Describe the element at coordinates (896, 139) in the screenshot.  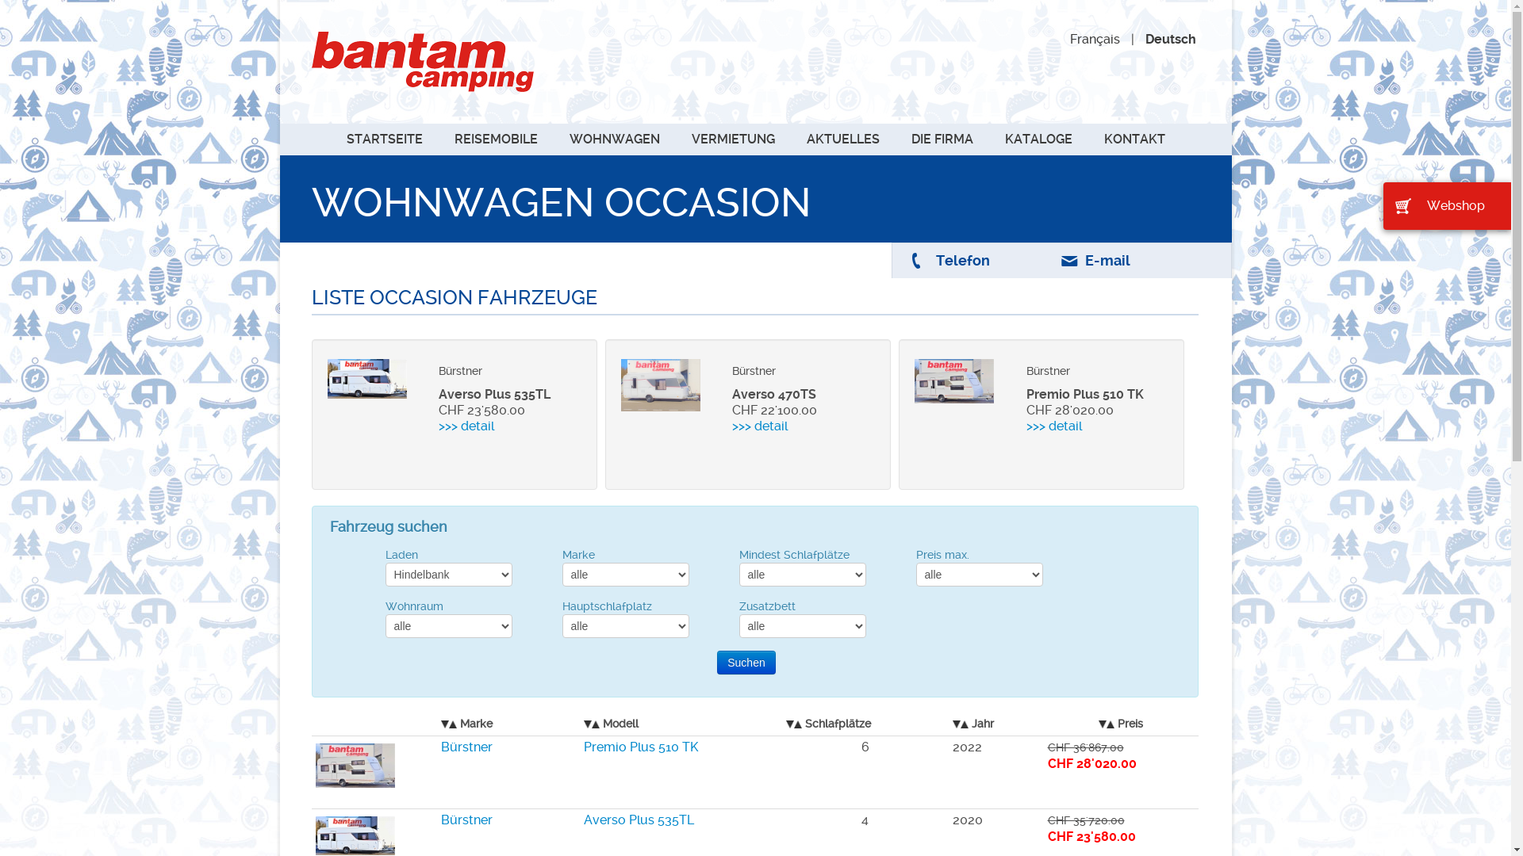
I see `'DIE FIRMA'` at that location.